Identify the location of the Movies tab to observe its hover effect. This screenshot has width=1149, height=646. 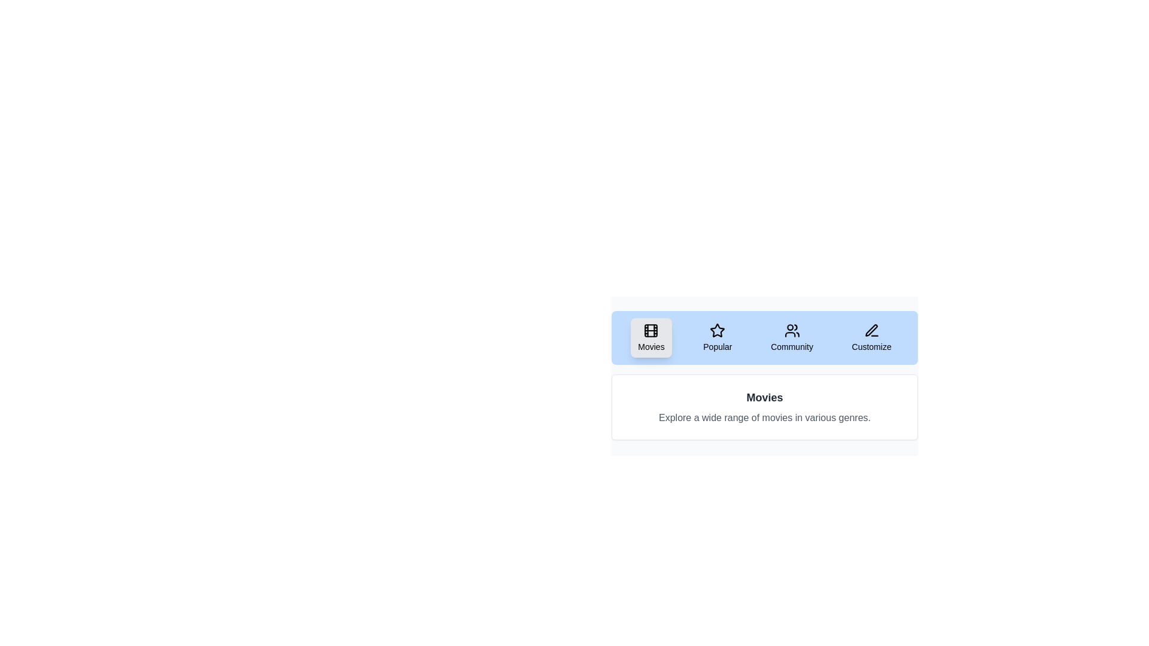
(651, 337).